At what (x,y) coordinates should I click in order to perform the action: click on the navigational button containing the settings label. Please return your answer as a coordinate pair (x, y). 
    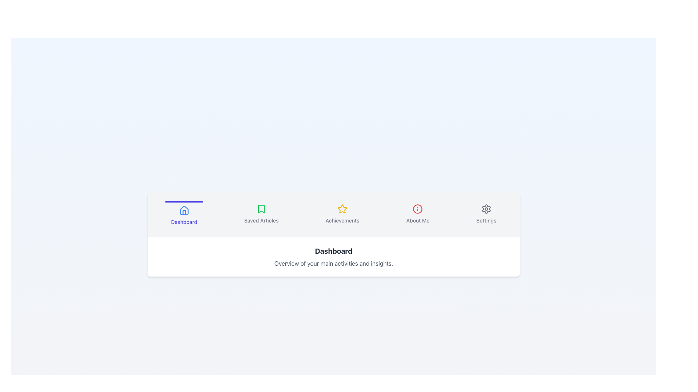
    Looking at the image, I should click on (486, 220).